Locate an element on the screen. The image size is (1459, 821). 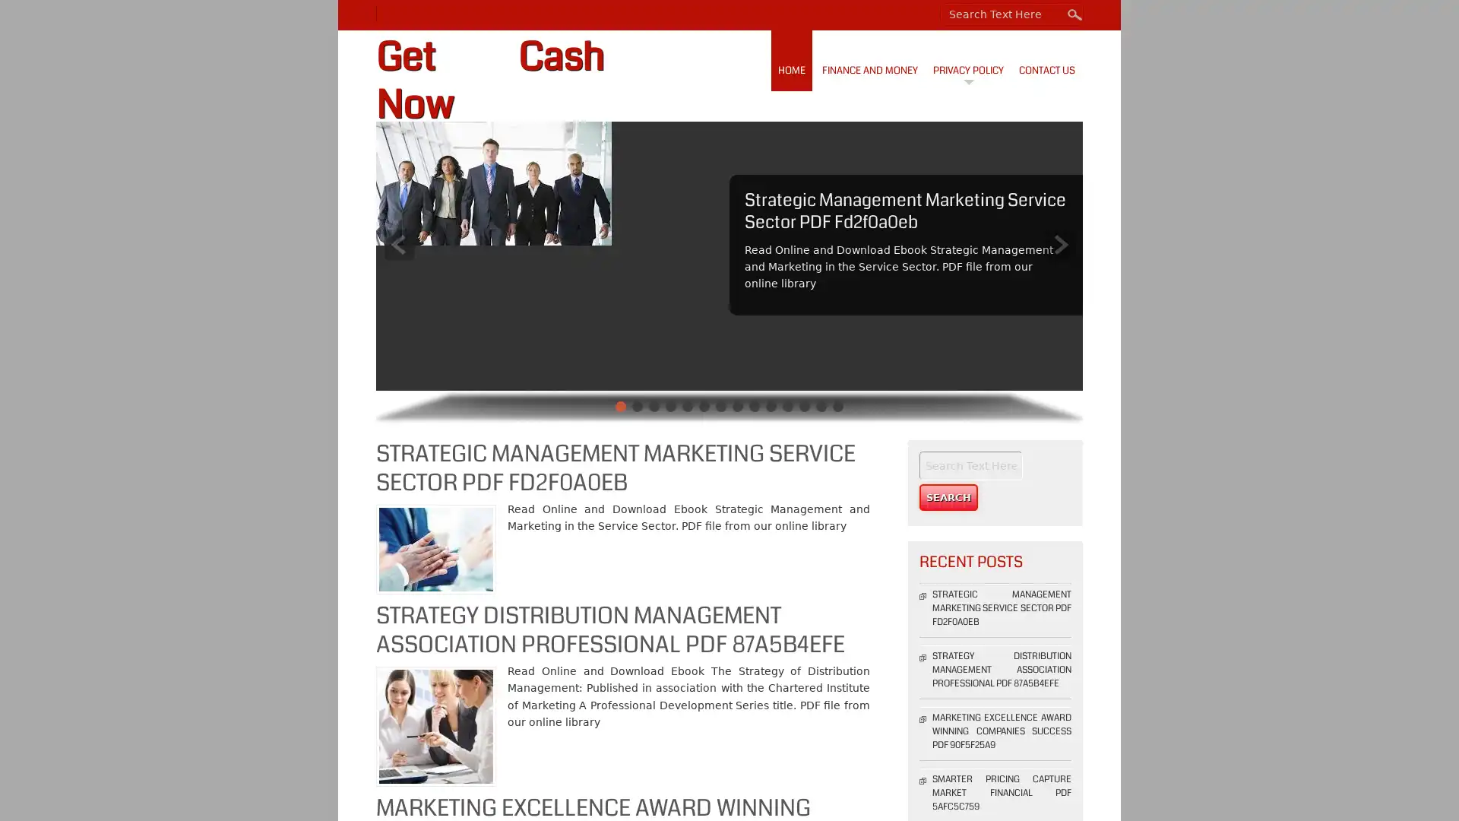
Search is located at coordinates (948, 497).